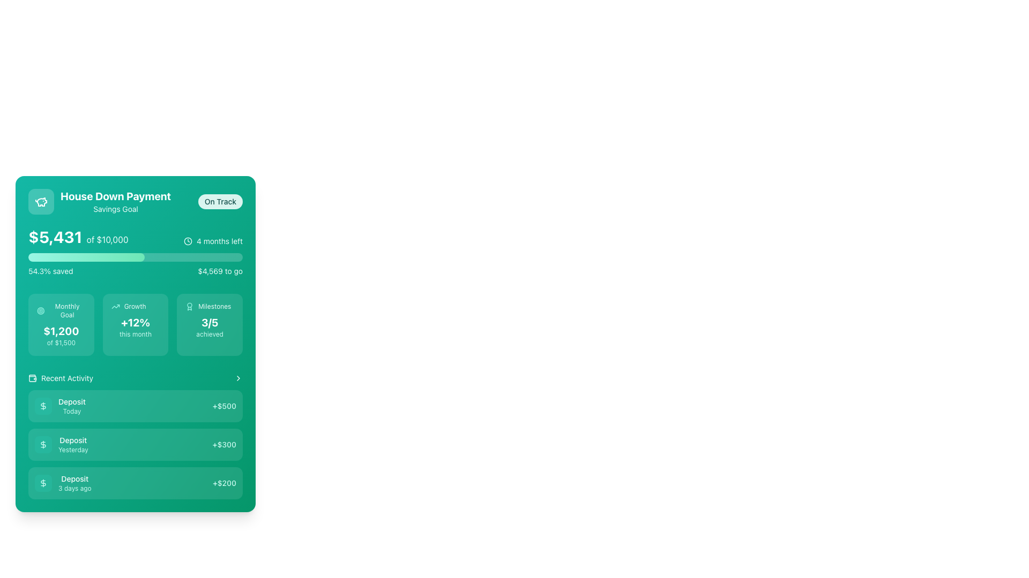  Describe the element at coordinates (135, 436) in the screenshot. I see `the Information card displaying 'Deposit' in the 'Recent Activity' section, which shows the amount '+$300' on the right` at that location.